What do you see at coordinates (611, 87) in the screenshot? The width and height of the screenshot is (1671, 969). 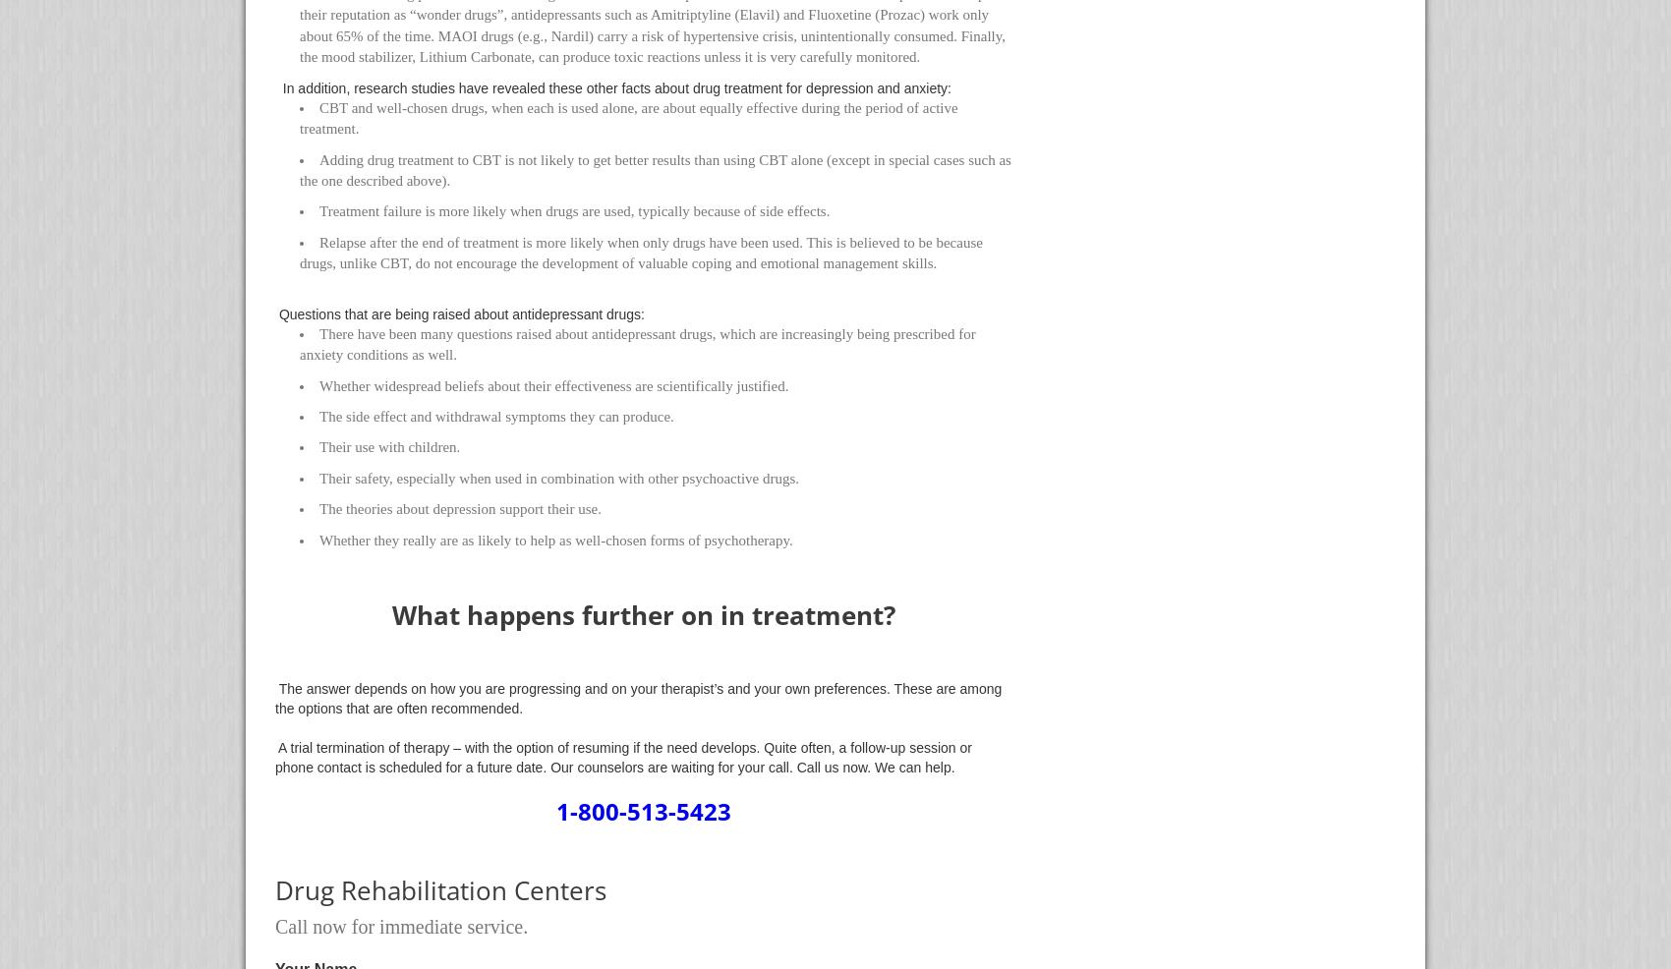 I see `'In addition, research studies have revealed these other facts about drug treatment for depression and anxiety:'` at bounding box center [611, 87].